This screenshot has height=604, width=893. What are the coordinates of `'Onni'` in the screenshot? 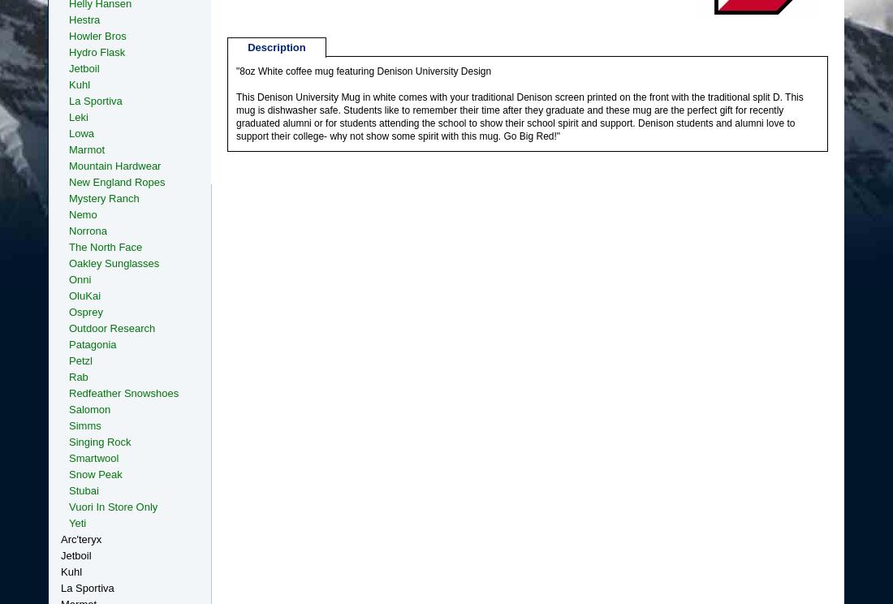 It's located at (69, 278).